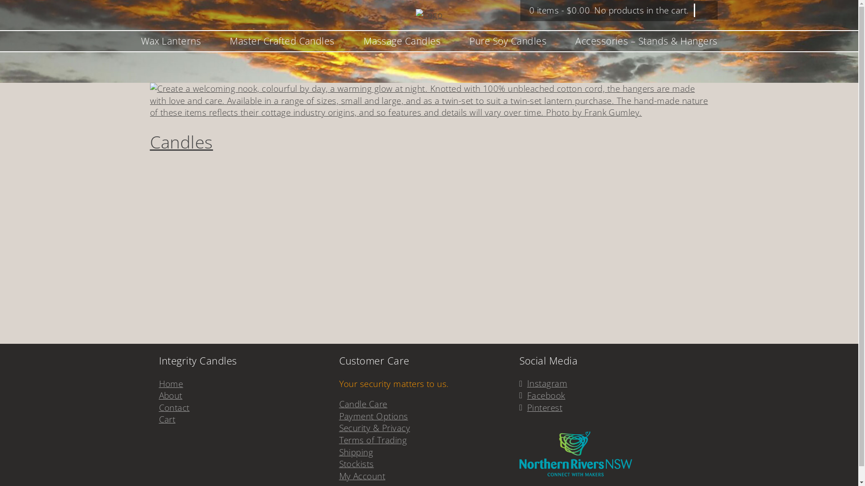  I want to click on 'Pinterest', so click(544, 408).